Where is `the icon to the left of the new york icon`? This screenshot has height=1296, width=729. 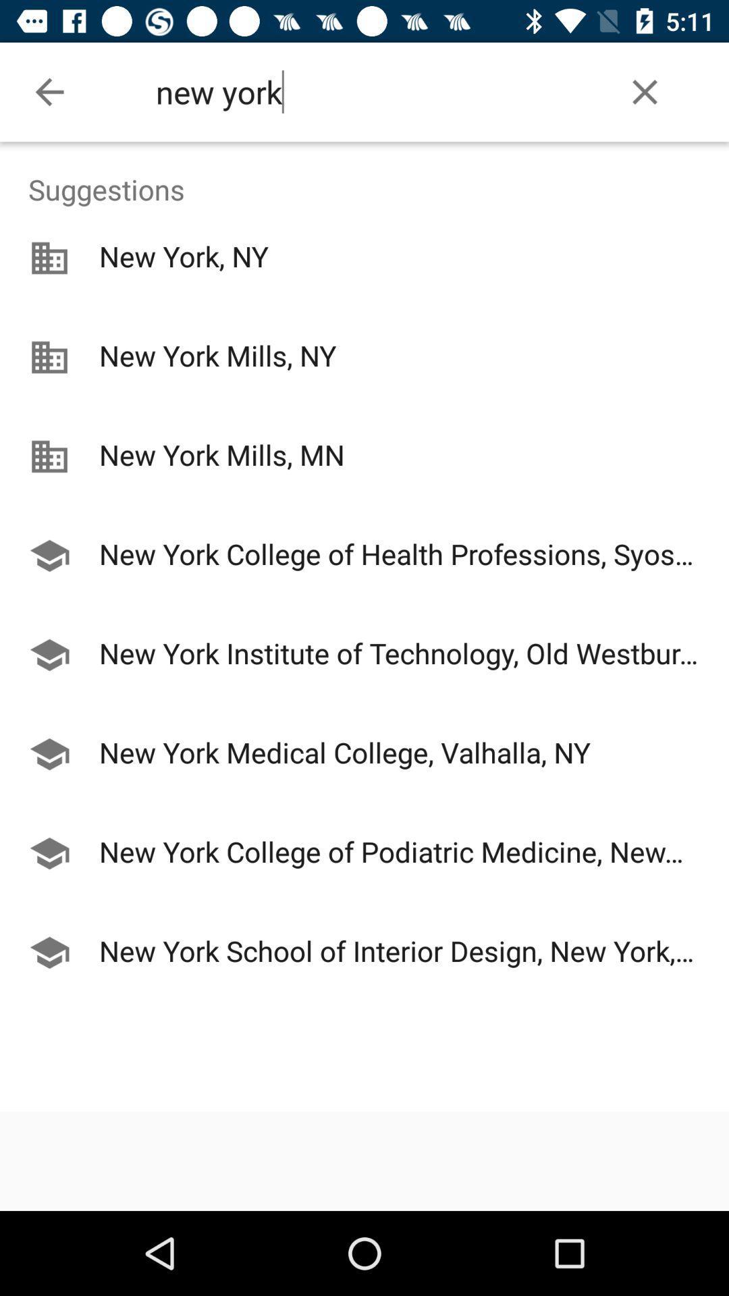 the icon to the left of the new york icon is located at coordinates (49, 91).